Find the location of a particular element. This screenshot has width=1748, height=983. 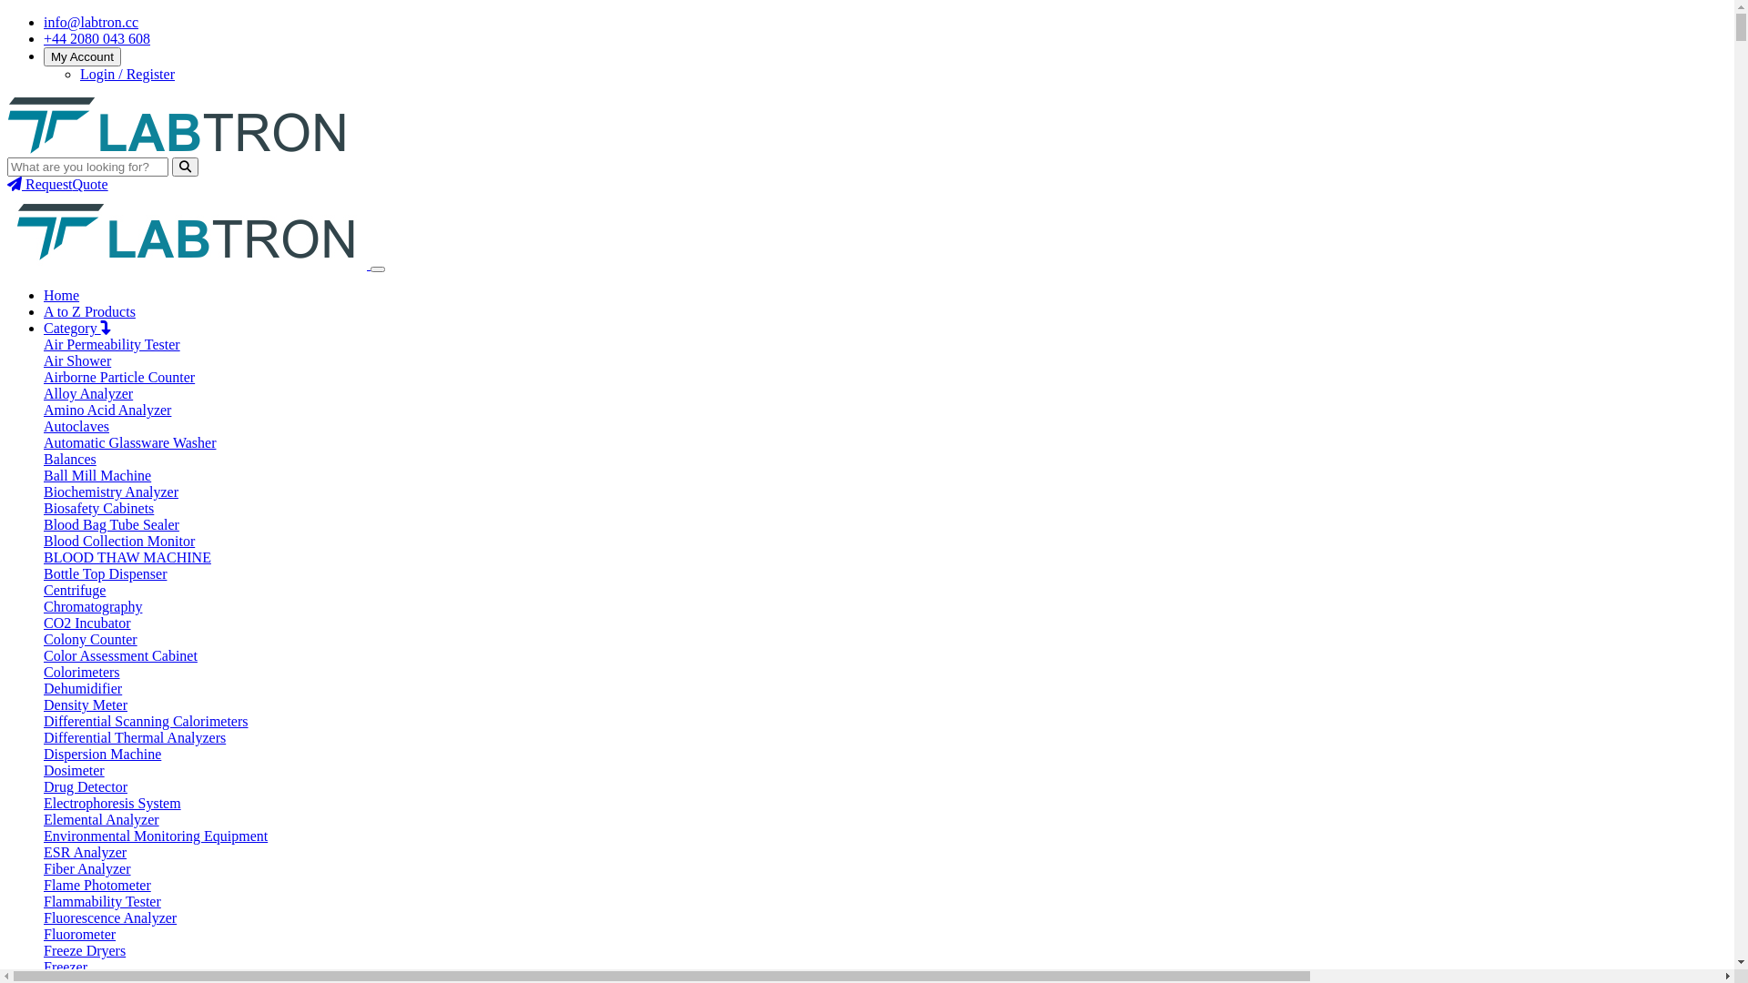

'Amino Acid Analyzer' is located at coordinates (107, 410).